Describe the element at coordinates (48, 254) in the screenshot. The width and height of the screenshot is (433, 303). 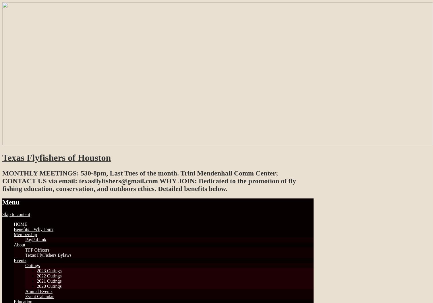
I see `'Texas FlyFishers Bylaws'` at that location.